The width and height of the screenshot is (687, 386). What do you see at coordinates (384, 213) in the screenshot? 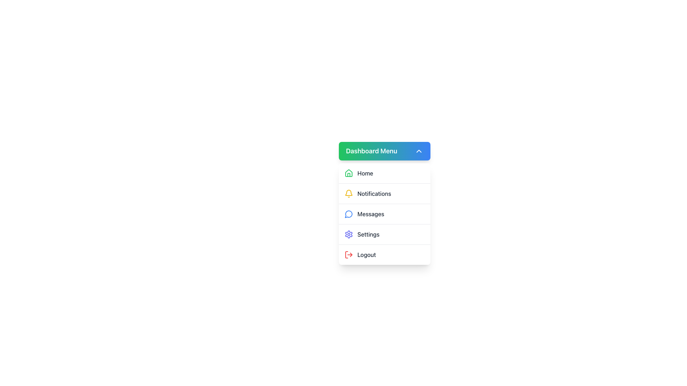
I see `the dropdown menu located below the 'Dashboard Menu' button` at bounding box center [384, 213].